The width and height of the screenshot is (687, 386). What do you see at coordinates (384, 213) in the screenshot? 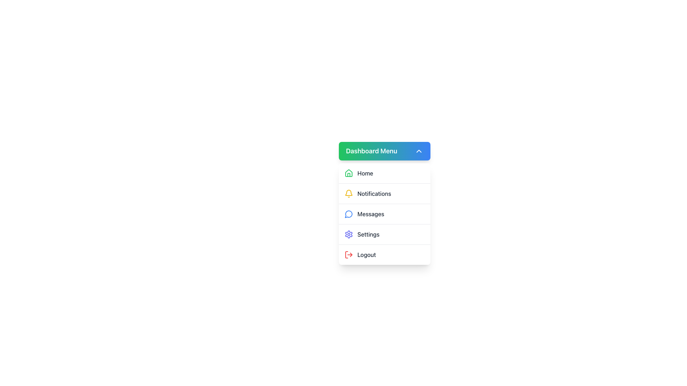
I see `the dropdown menu located below the 'Dashboard Menu' button` at bounding box center [384, 213].